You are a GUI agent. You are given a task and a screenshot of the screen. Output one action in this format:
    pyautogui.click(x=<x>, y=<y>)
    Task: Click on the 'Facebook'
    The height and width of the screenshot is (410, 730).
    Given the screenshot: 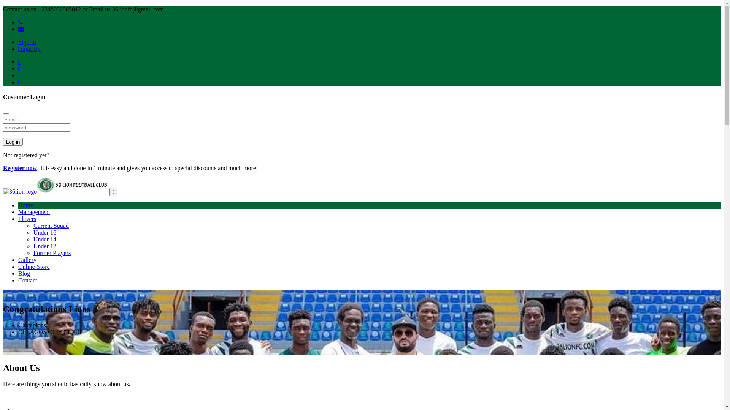 What is the action you would take?
    pyautogui.click(x=18, y=61)
    